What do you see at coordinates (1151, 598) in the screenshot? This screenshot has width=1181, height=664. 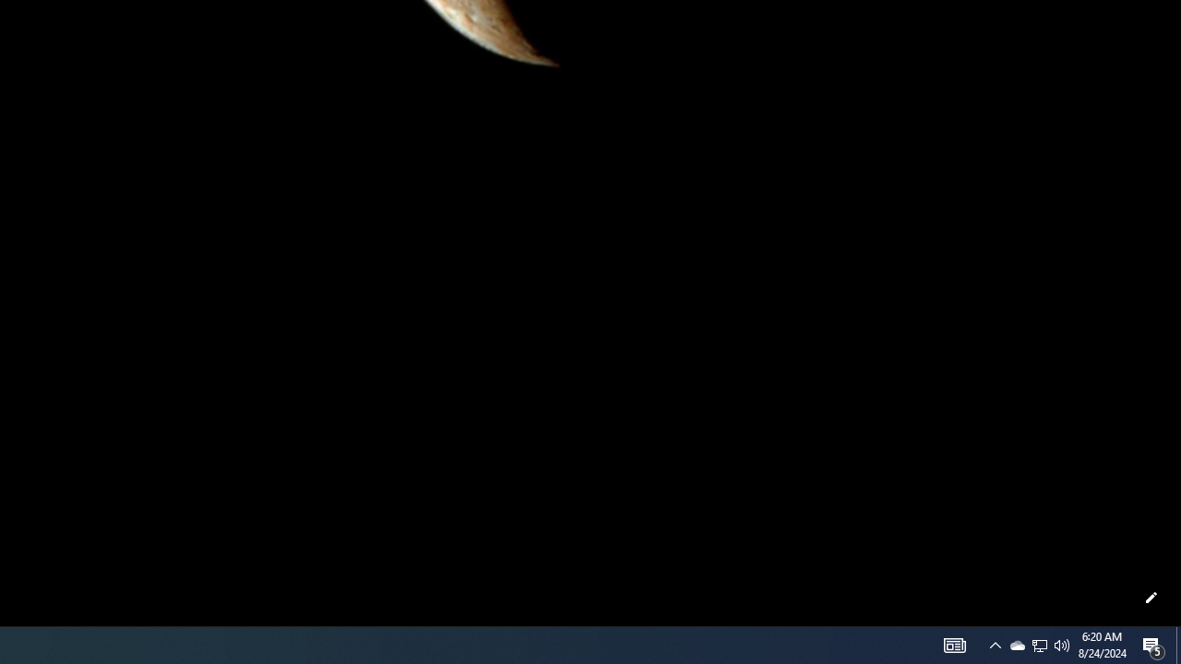 I see `'Customize this page'` at bounding box center [1151, 598].